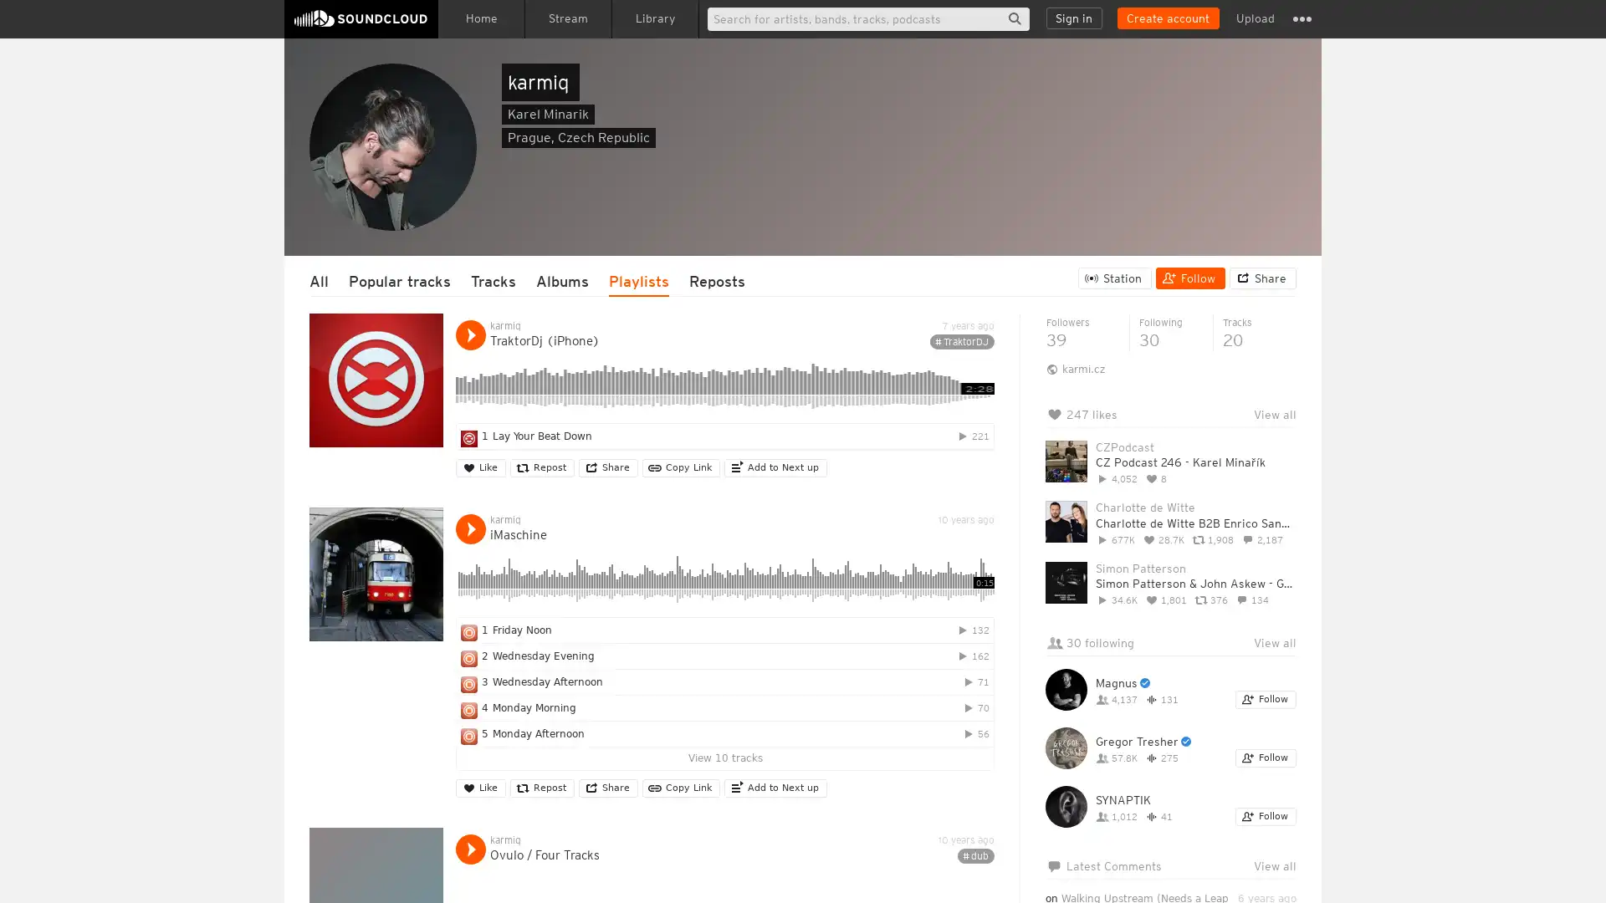  I want to click on Search, so click(1014, 18).